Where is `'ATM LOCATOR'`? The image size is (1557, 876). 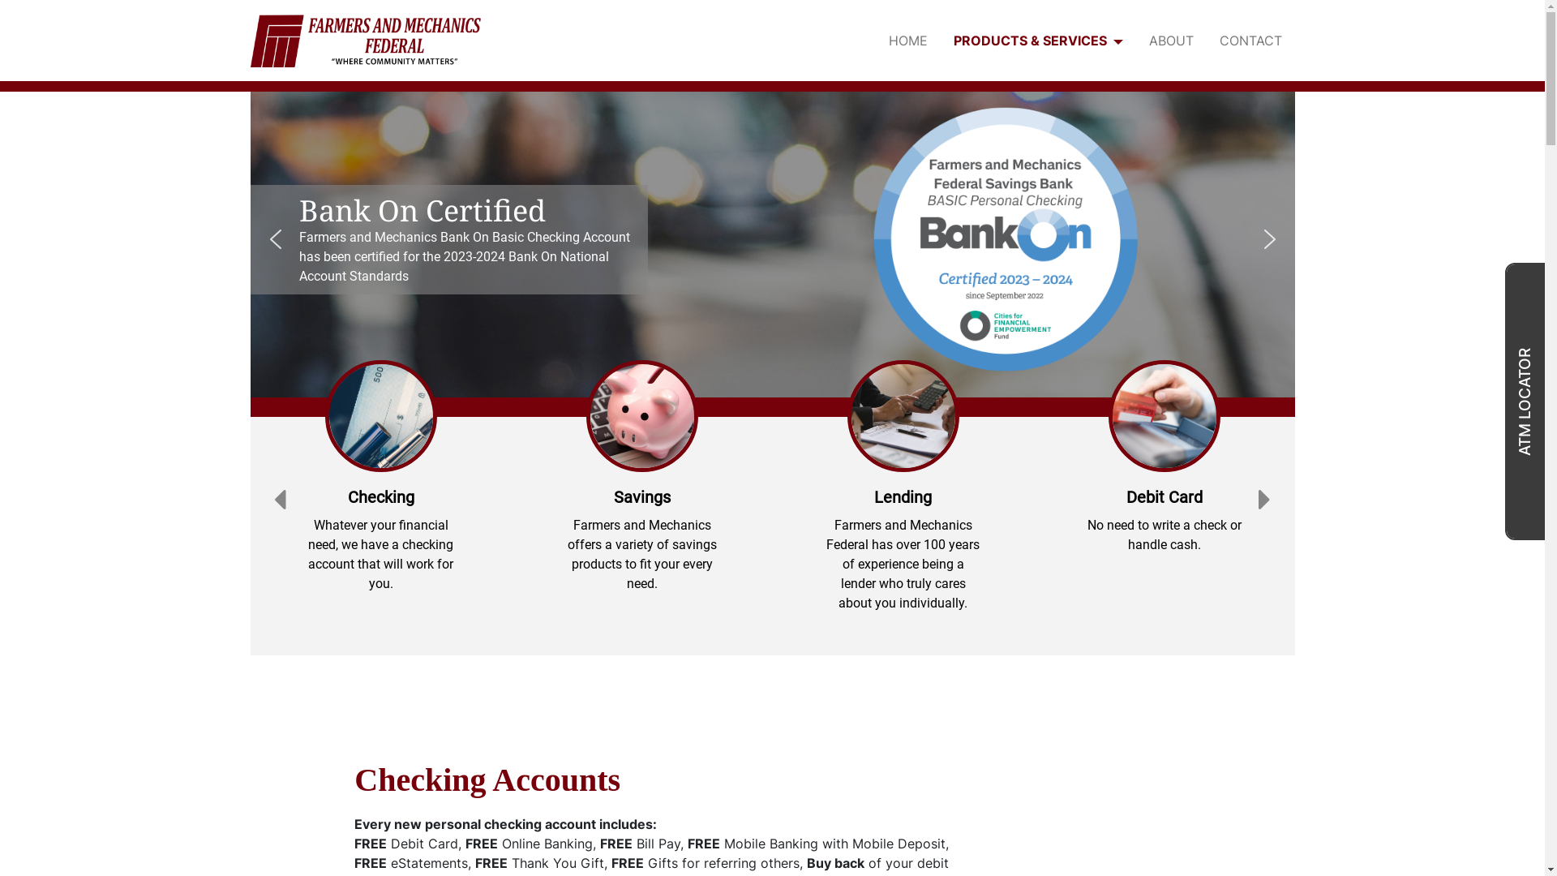
'ATM LOCATOR' is located at coordinates (1525, 401).